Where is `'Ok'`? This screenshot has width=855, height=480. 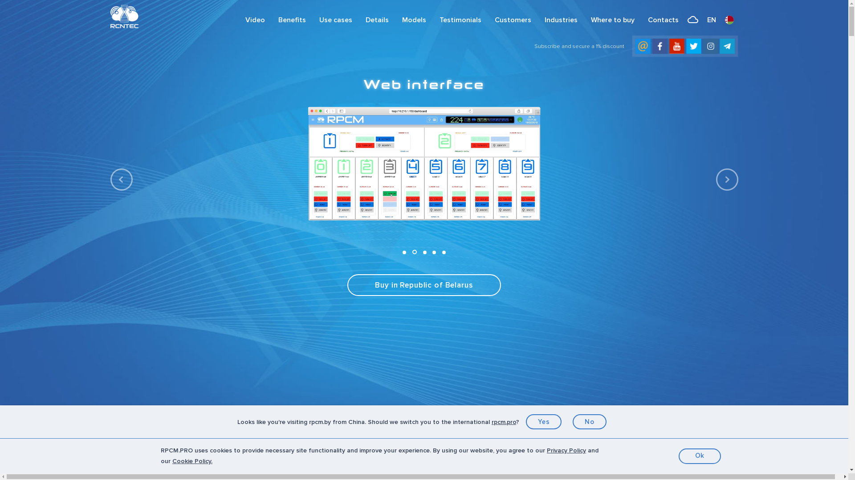 'Ok' is located at coordinates (699, 456).